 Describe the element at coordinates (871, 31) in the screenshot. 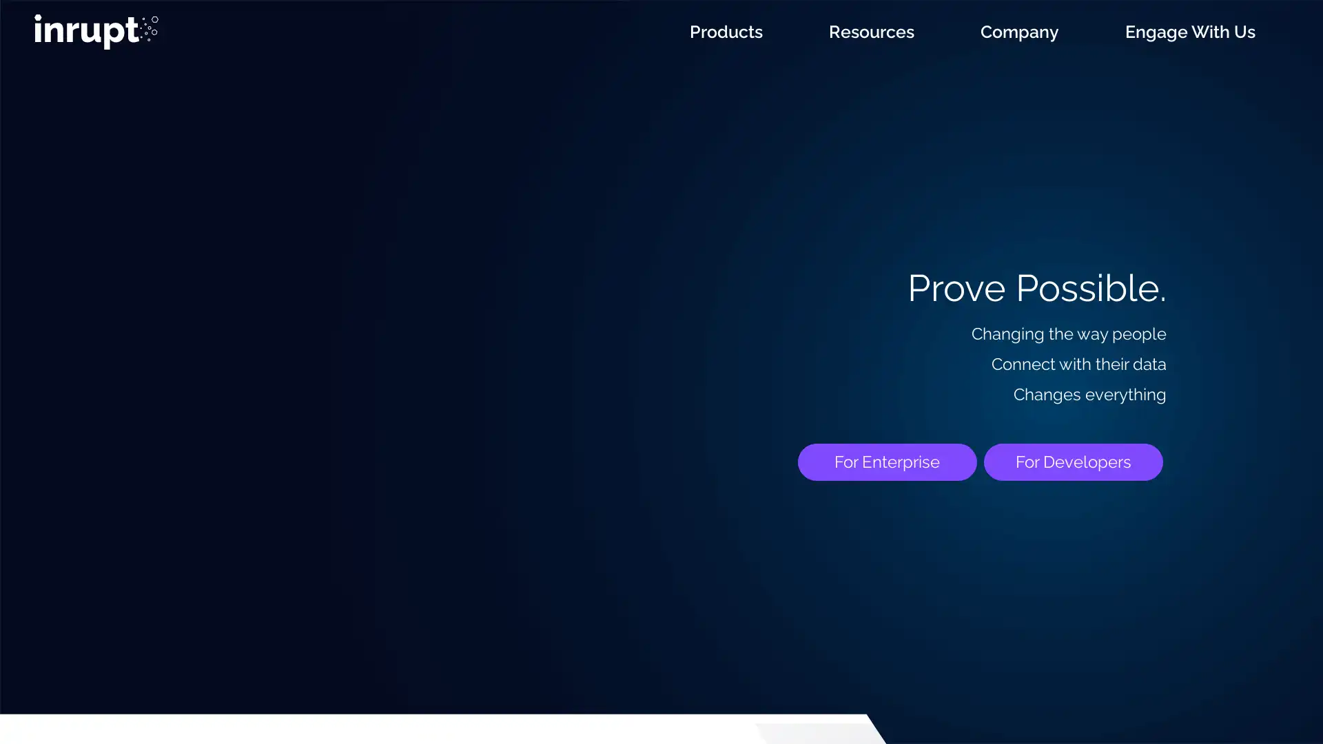

I see `Resources` at that location.